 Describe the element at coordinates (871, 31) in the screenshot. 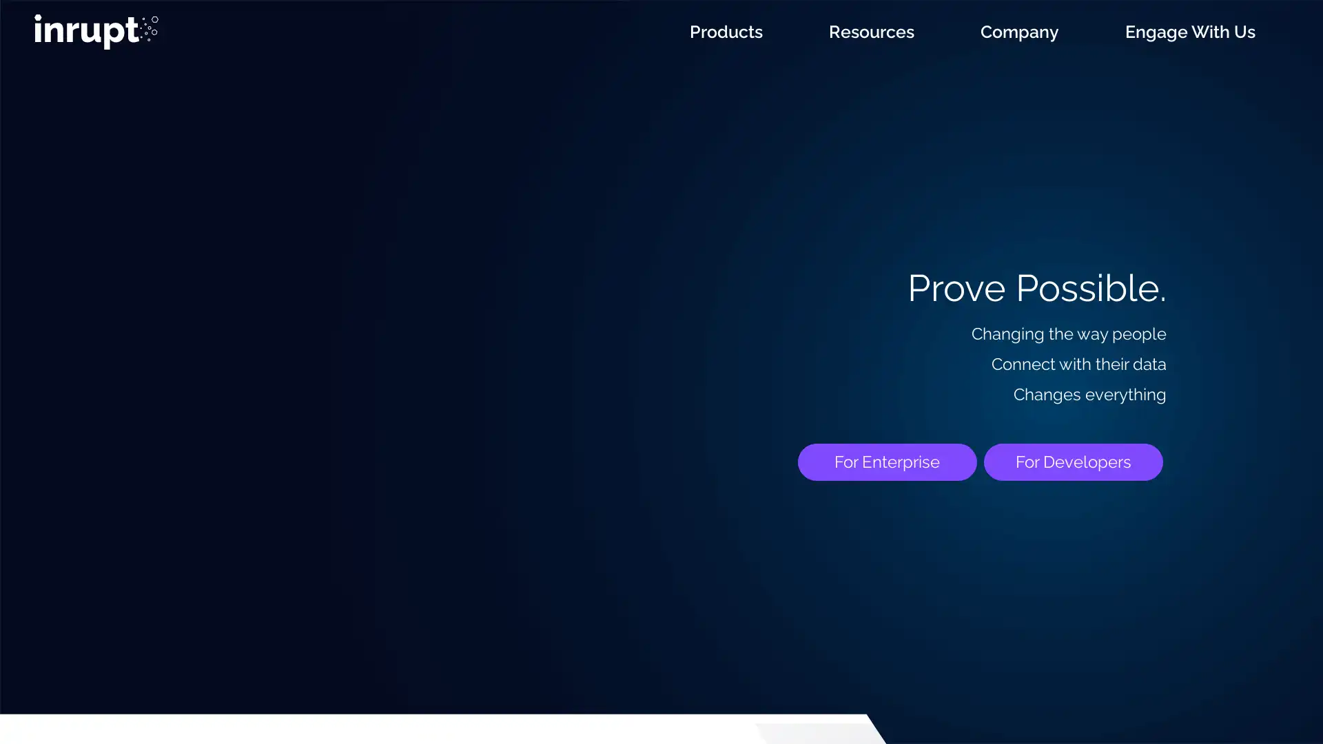

I see `Resources` at that location.